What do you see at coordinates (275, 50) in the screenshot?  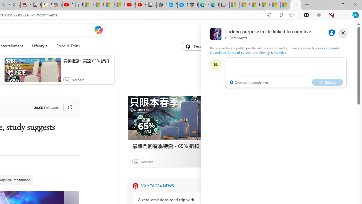 I see `'Community Guidelines'` at bounding box center [275, 50].